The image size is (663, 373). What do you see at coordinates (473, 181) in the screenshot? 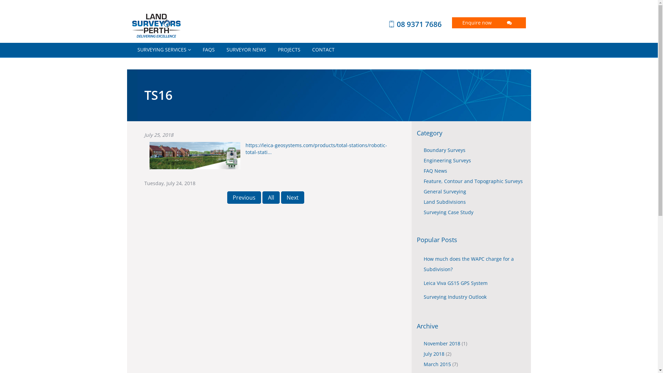
I see `'Feature, Contour and Topographic Surveys'` at bounding box center [473, 181].